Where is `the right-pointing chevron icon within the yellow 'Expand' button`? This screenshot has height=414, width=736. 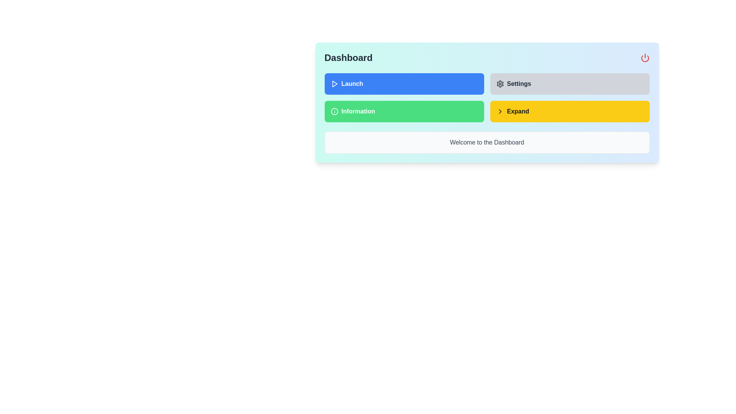 the right-pointing chevron icon within the yellow 'Expand' button is located at coordinates (500, 111).